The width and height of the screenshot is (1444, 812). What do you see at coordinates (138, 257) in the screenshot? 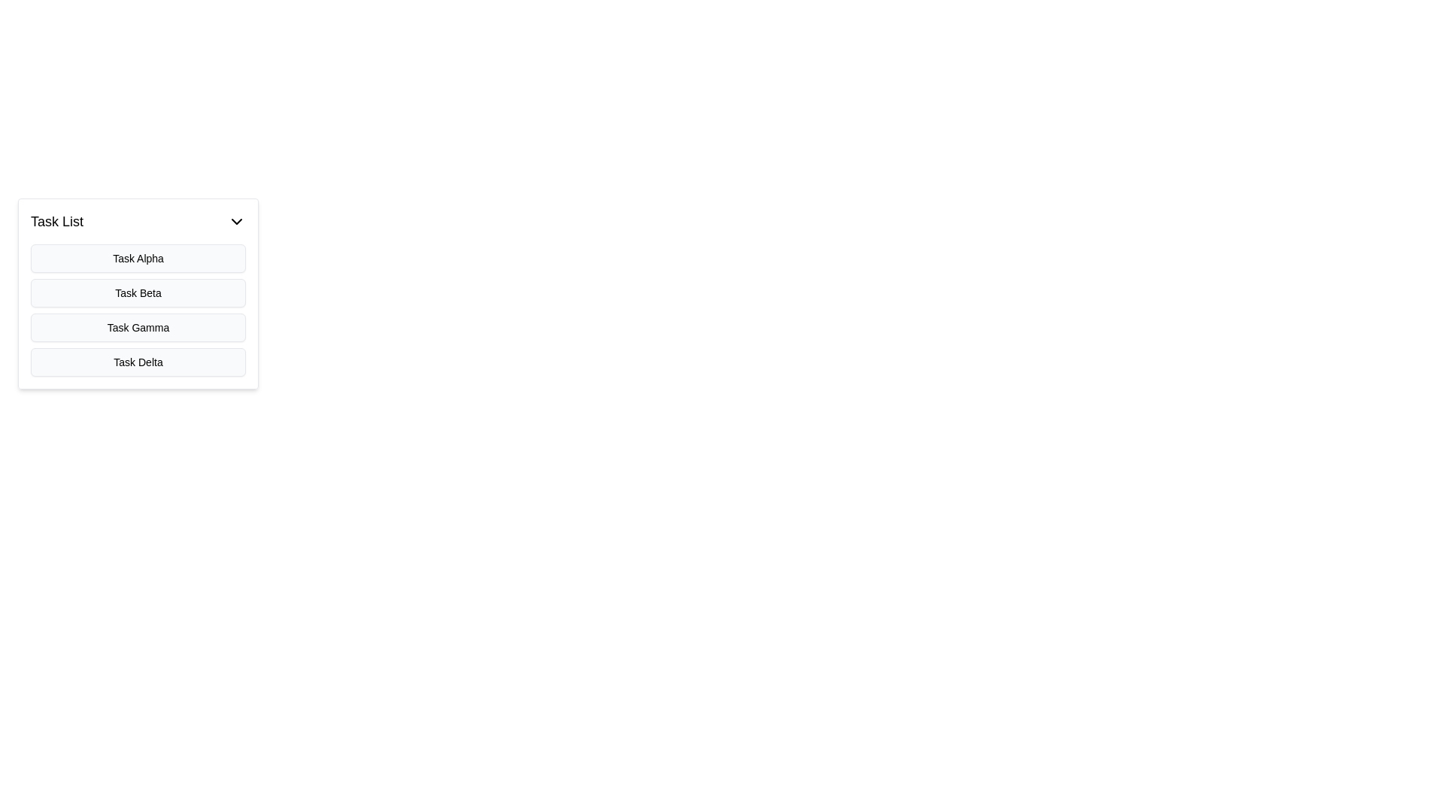
I see `the 'Task Alpha' button-like list item in the 'Task List'` at bounding box center [138, 257].